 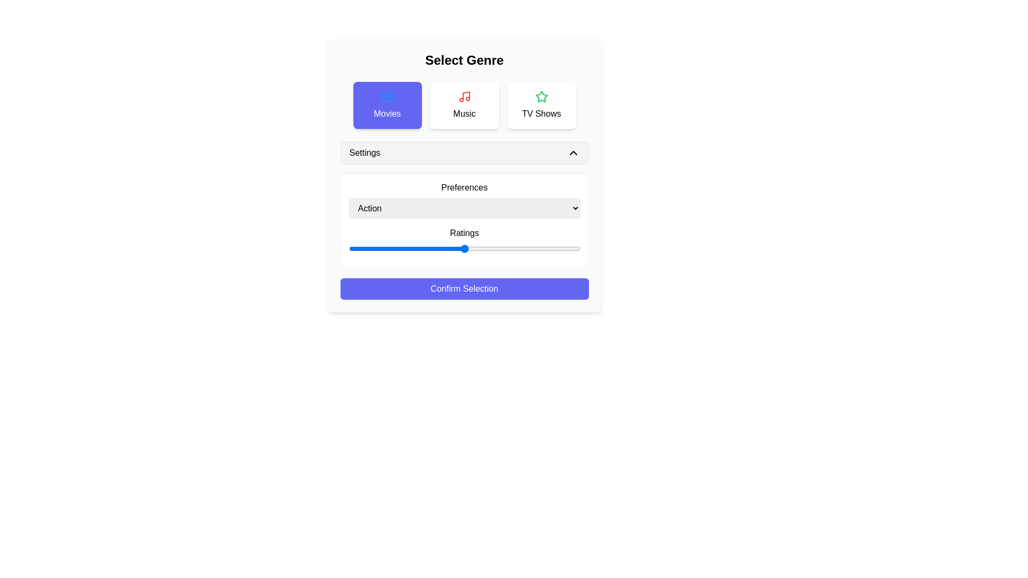 I want to click on the 'Movies' text label which is styled with a medium font and positioned at the bottom center of a card with a purple background and rounded corners, so click(x=387, y=113).